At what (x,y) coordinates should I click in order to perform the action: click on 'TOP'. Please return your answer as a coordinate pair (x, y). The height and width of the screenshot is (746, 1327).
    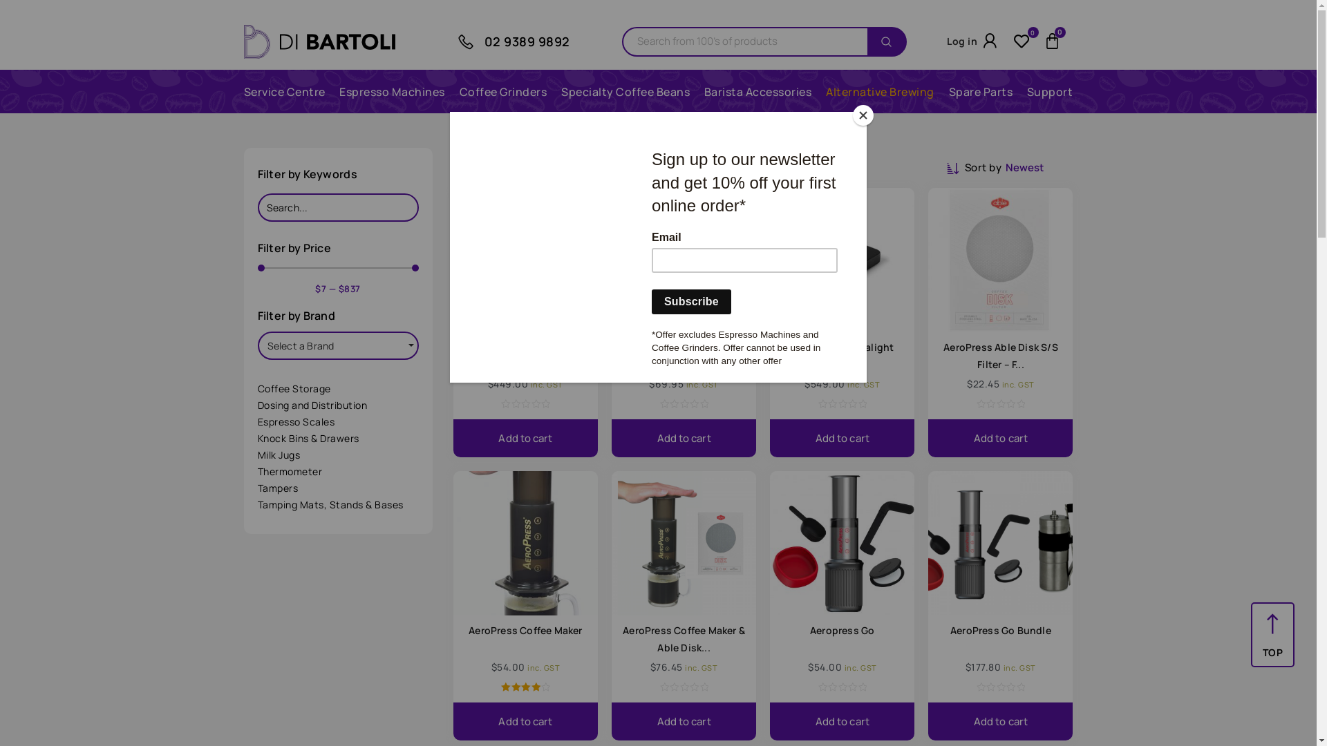
    Looking at the image, I should click on (1272, 652).